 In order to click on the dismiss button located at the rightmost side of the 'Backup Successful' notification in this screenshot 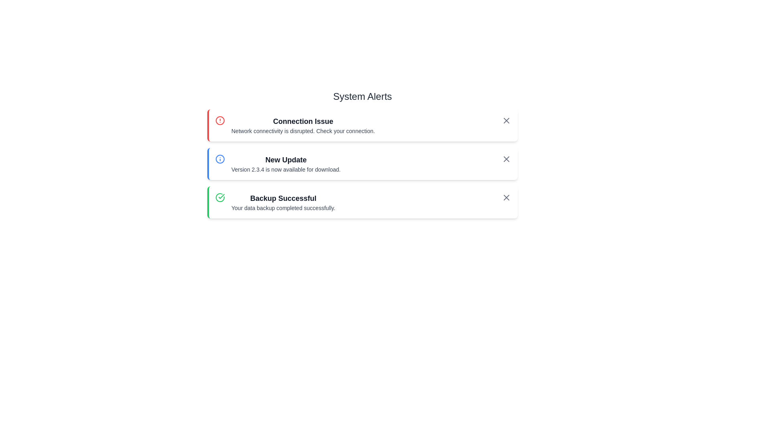, I will do `click(506, 198)`.